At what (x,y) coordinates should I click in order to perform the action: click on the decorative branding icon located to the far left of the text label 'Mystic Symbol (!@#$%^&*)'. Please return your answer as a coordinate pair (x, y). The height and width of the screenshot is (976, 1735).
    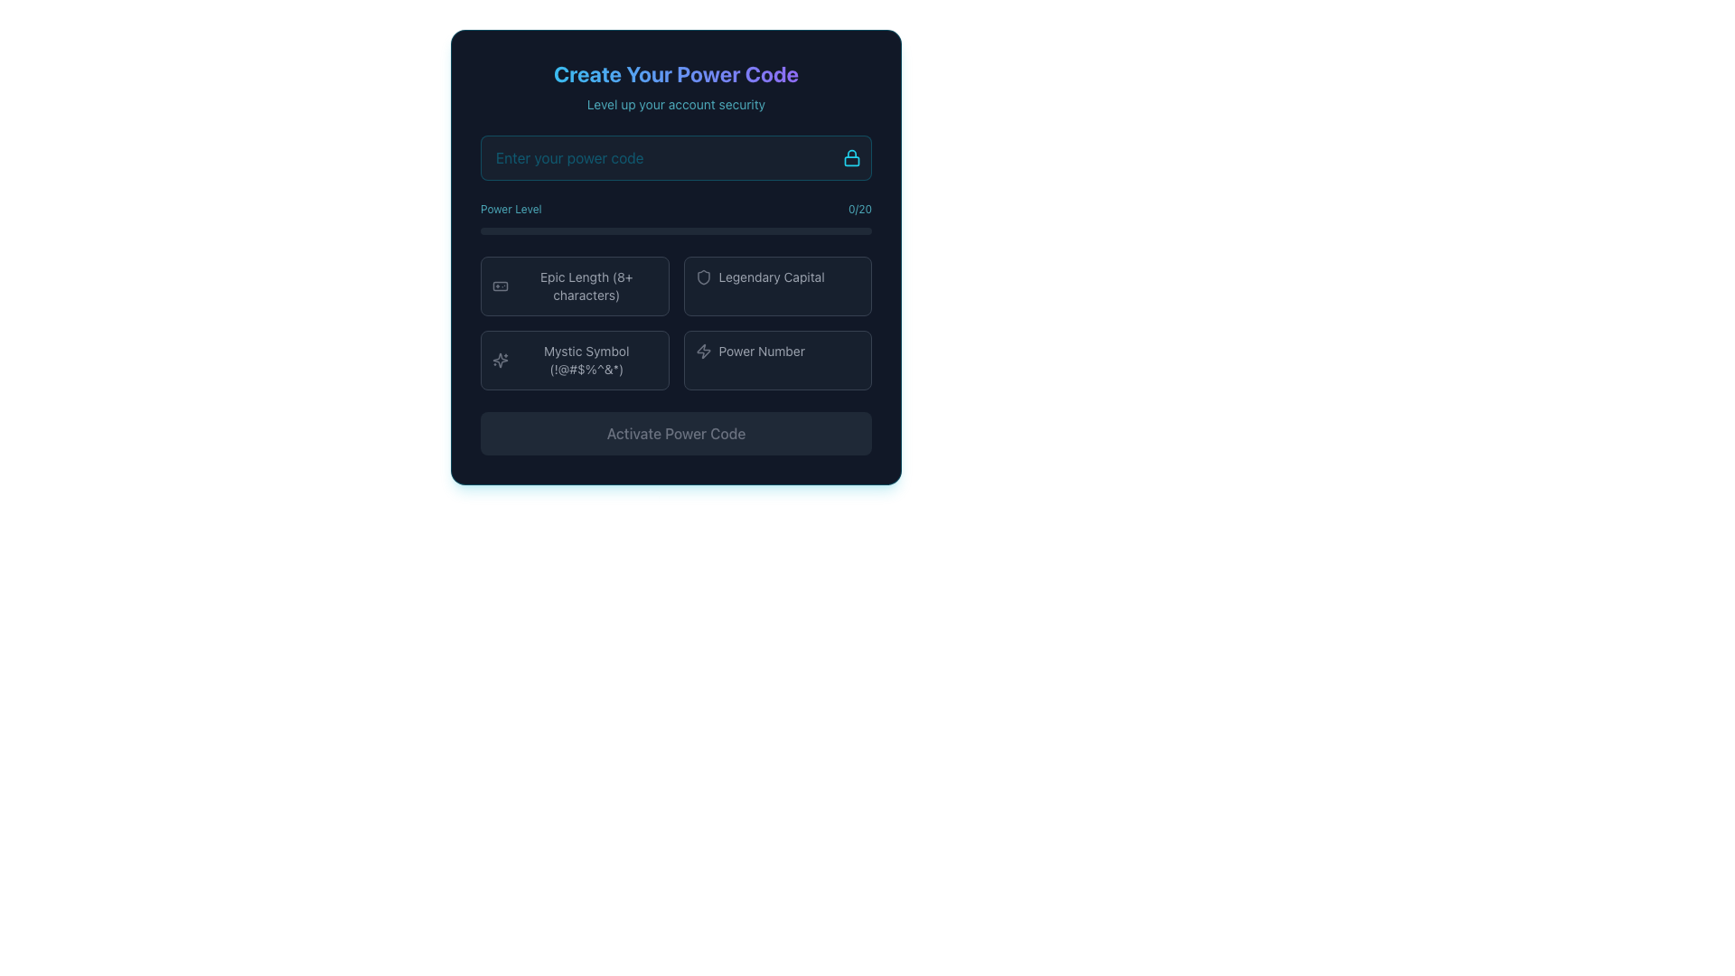
    Looking at the image, I should click on (500, 360).